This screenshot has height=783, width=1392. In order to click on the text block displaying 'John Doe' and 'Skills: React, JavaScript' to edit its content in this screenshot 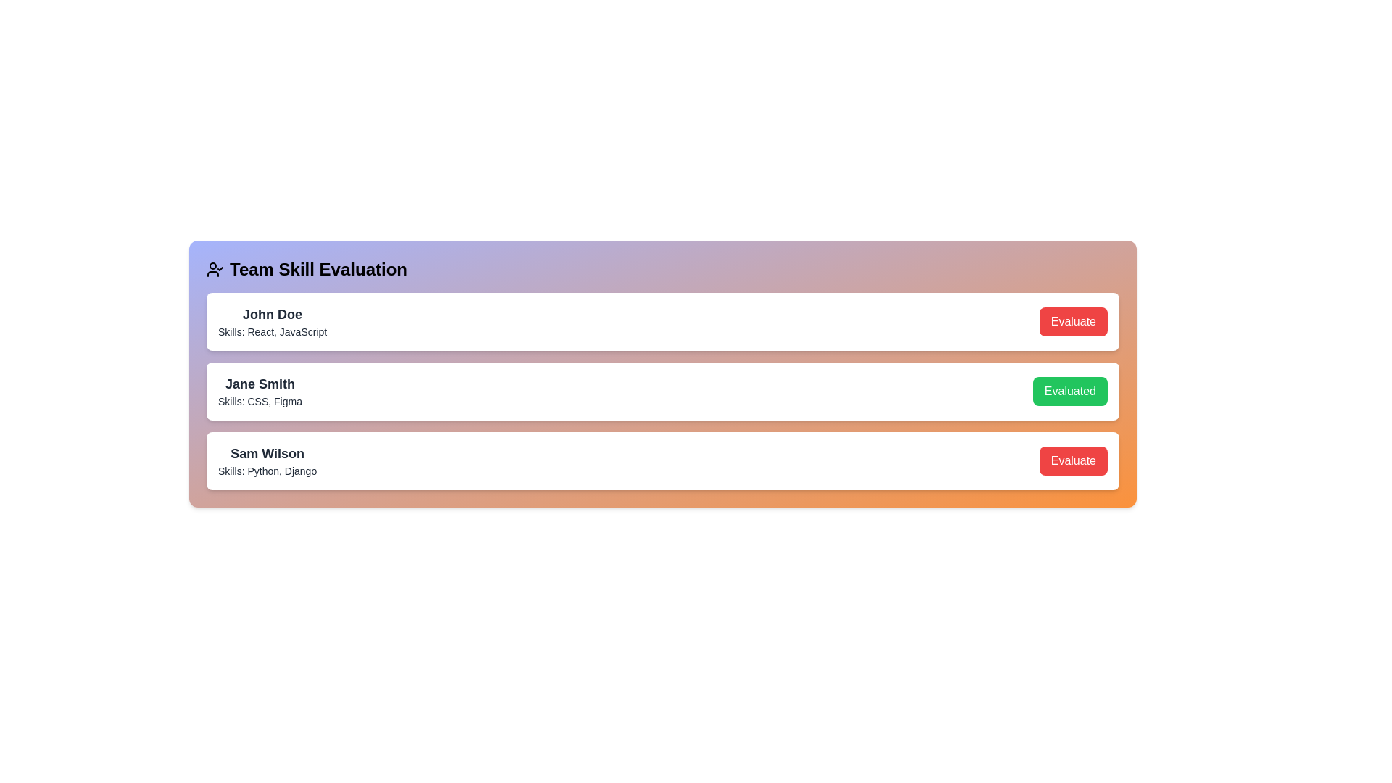, I will do `click(273, 320)`.